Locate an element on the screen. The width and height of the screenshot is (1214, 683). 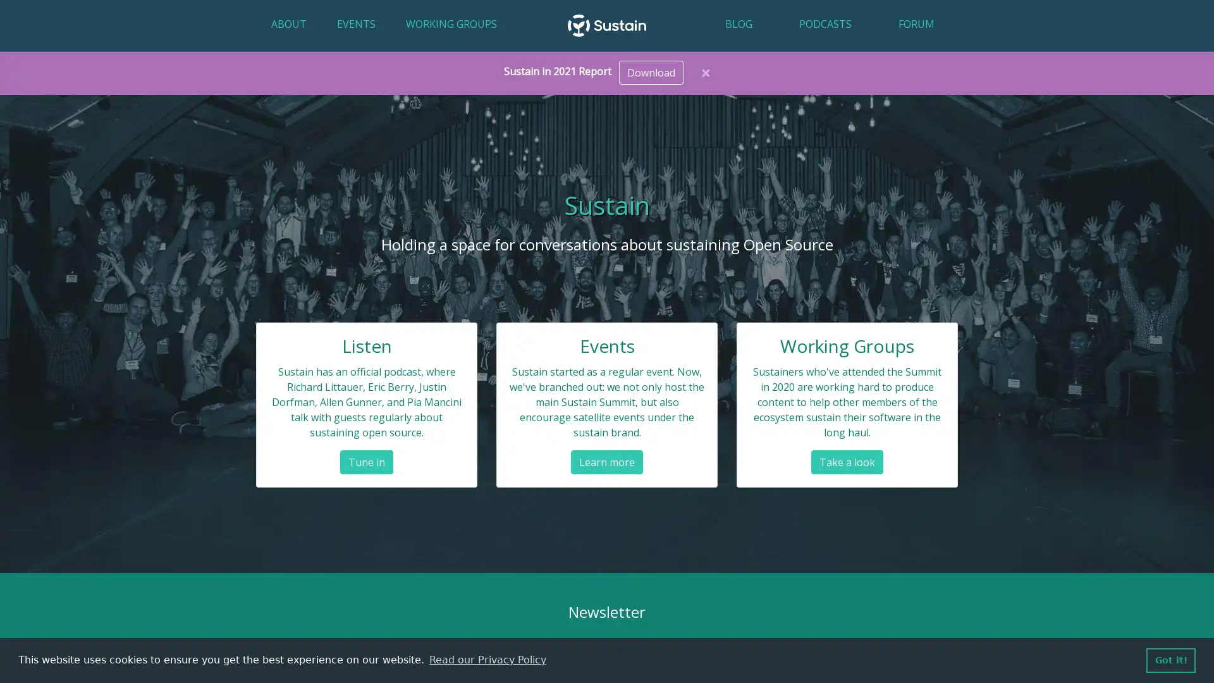
dismiss cookie message is located at coordinates (1170, 660).